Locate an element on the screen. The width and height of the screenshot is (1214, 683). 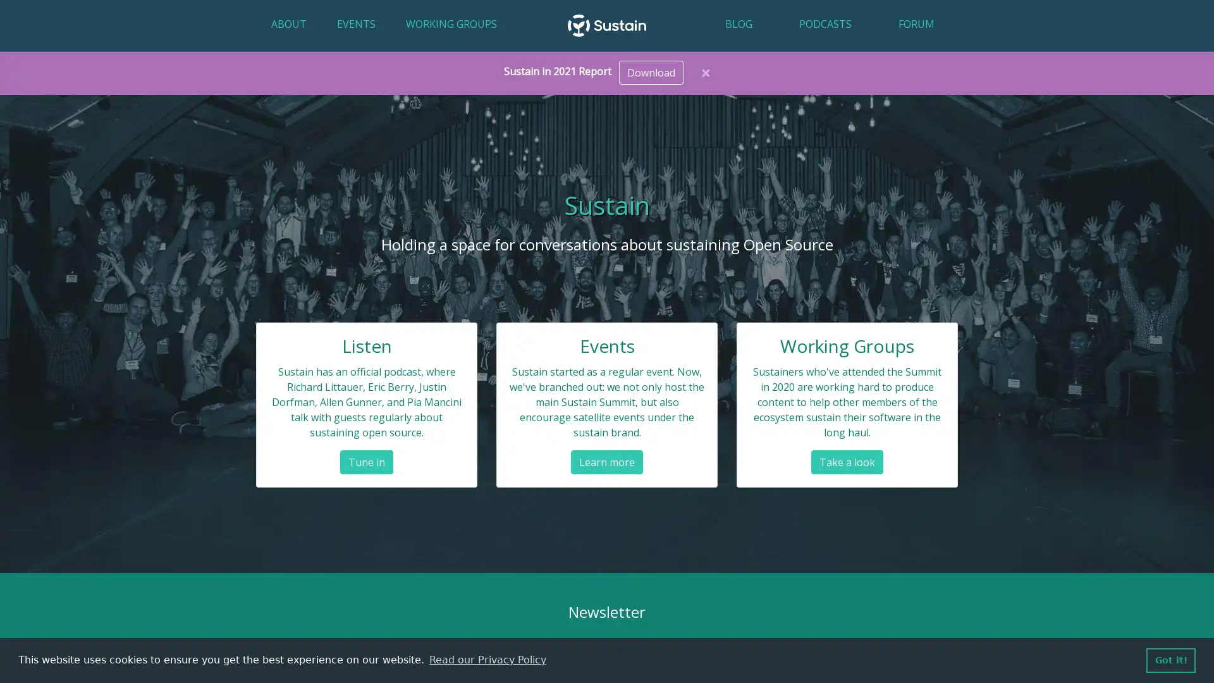
dismiss cookie message is located at coordinates (1170, 660).